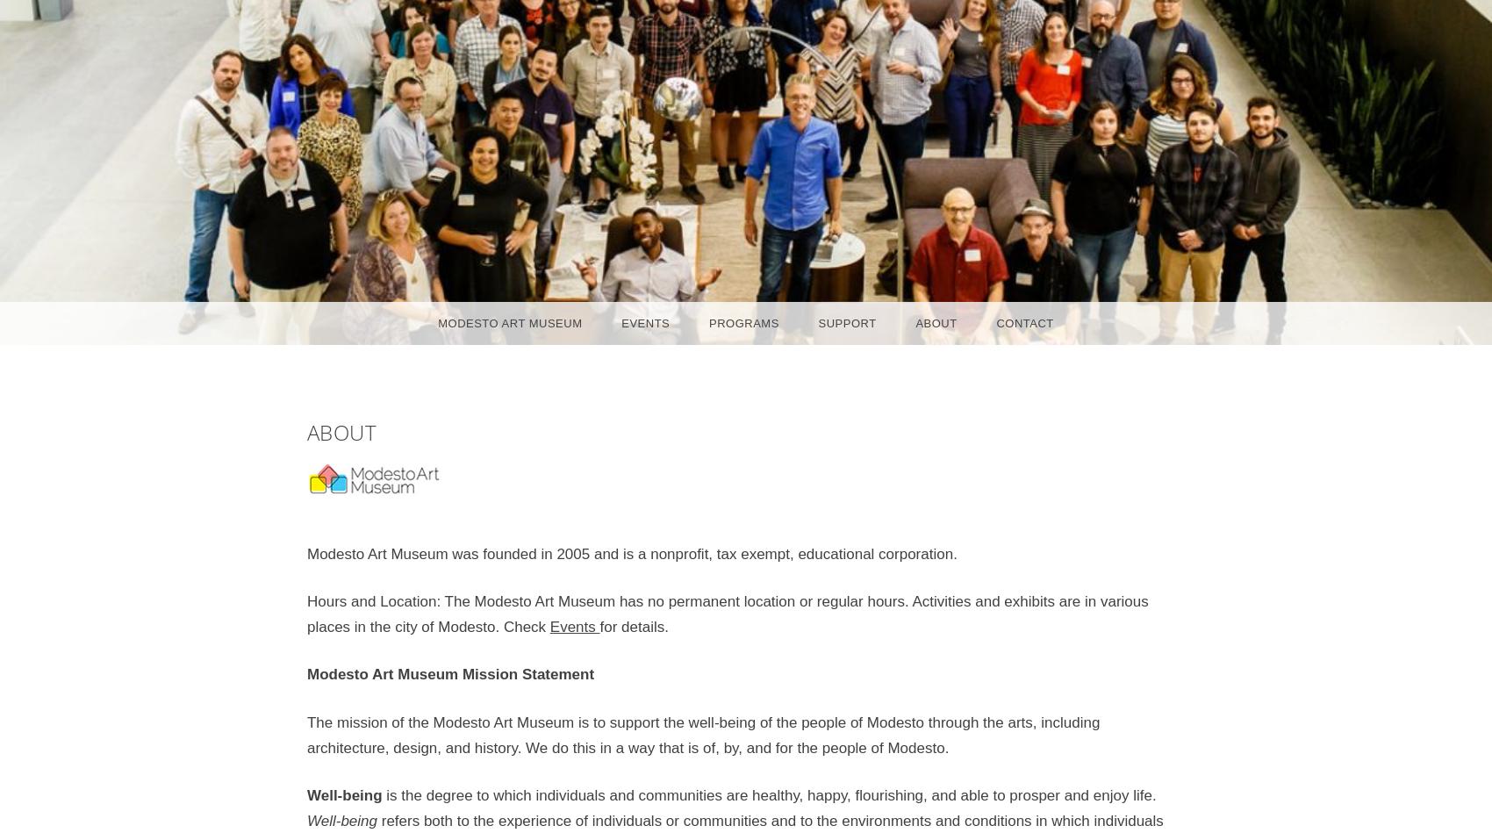 This screenshot has height=840, width=1492. Describe the element at coordinates (707, 323) in the screenshot. I see `'PROGRAMS'` at that location.